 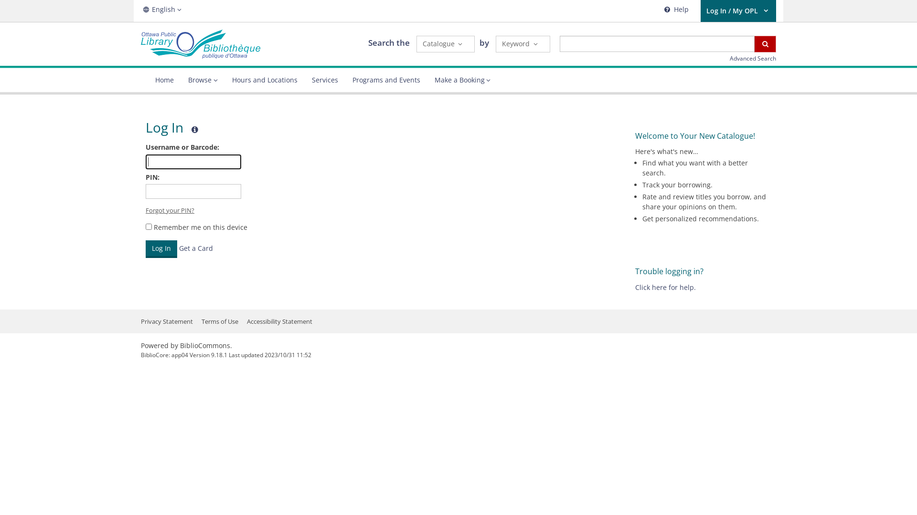 What do you see at coordinates (385, 80) in the screenshot?
I see `'Programs and Events'` at bounding box center [385, 80].